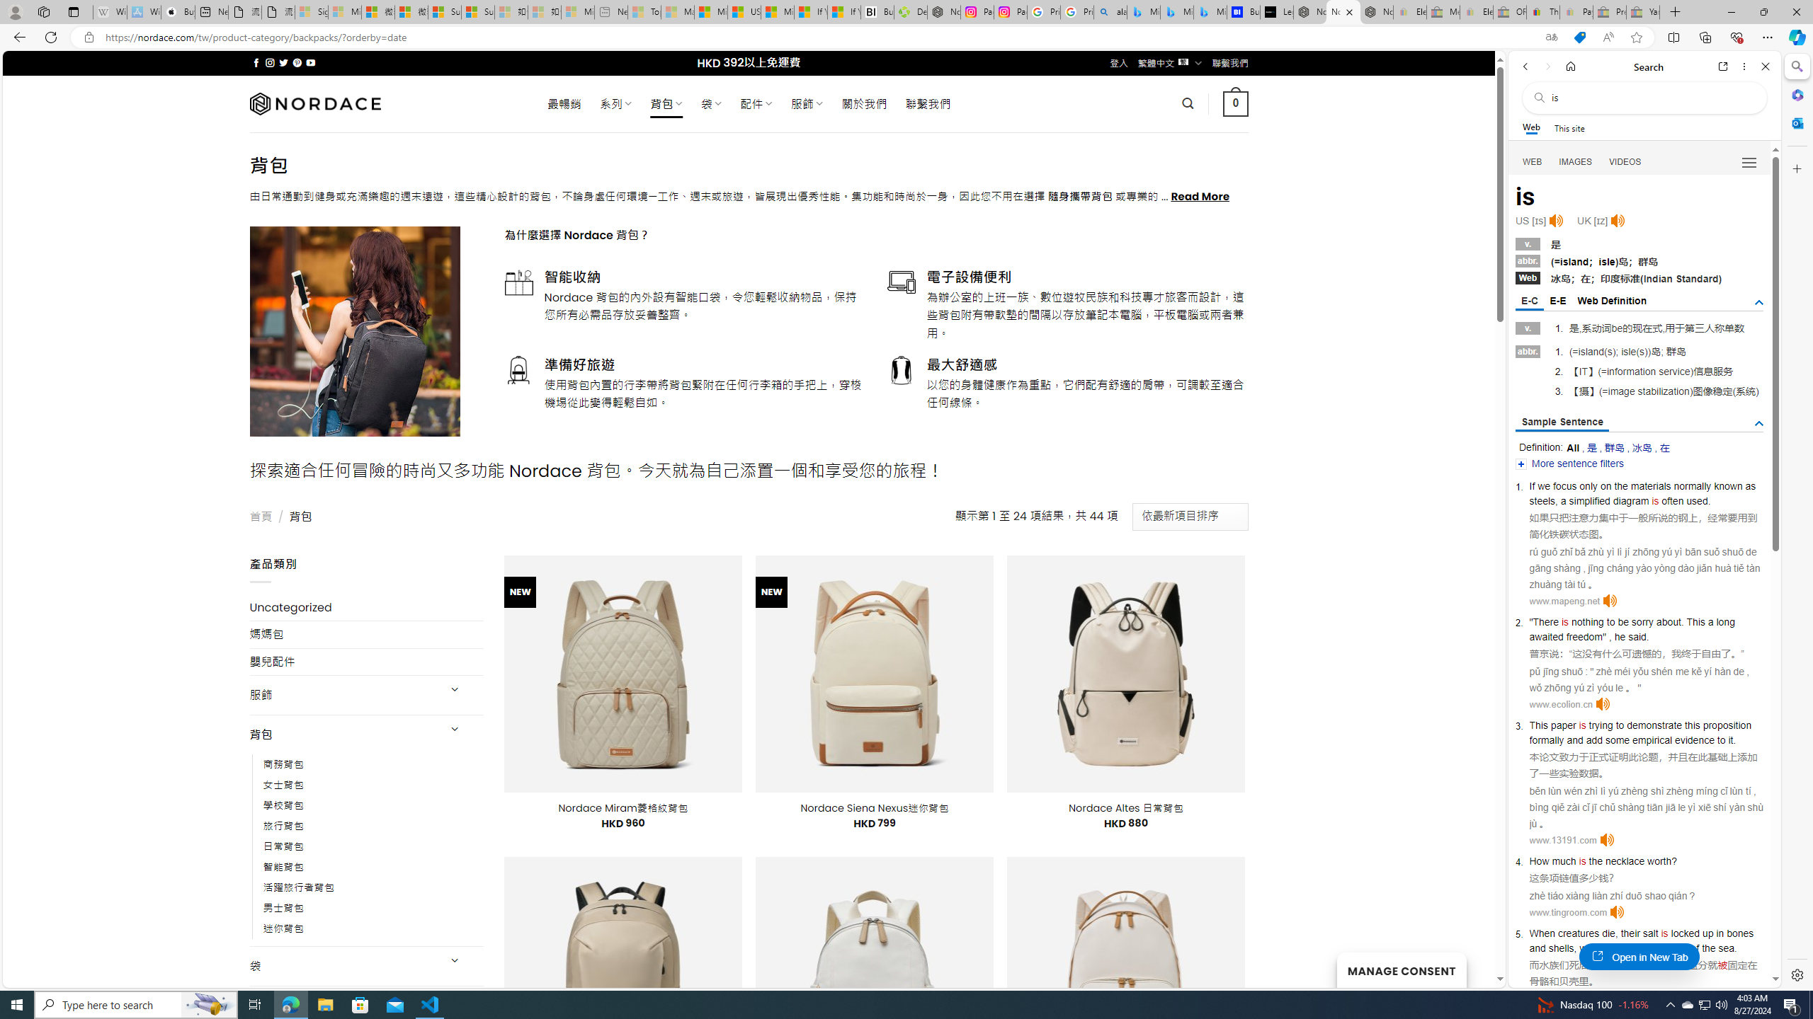 Image resolution: width=1813 pixels, height=1019 pixels. I want to click on 'of', so click(1694, 947).